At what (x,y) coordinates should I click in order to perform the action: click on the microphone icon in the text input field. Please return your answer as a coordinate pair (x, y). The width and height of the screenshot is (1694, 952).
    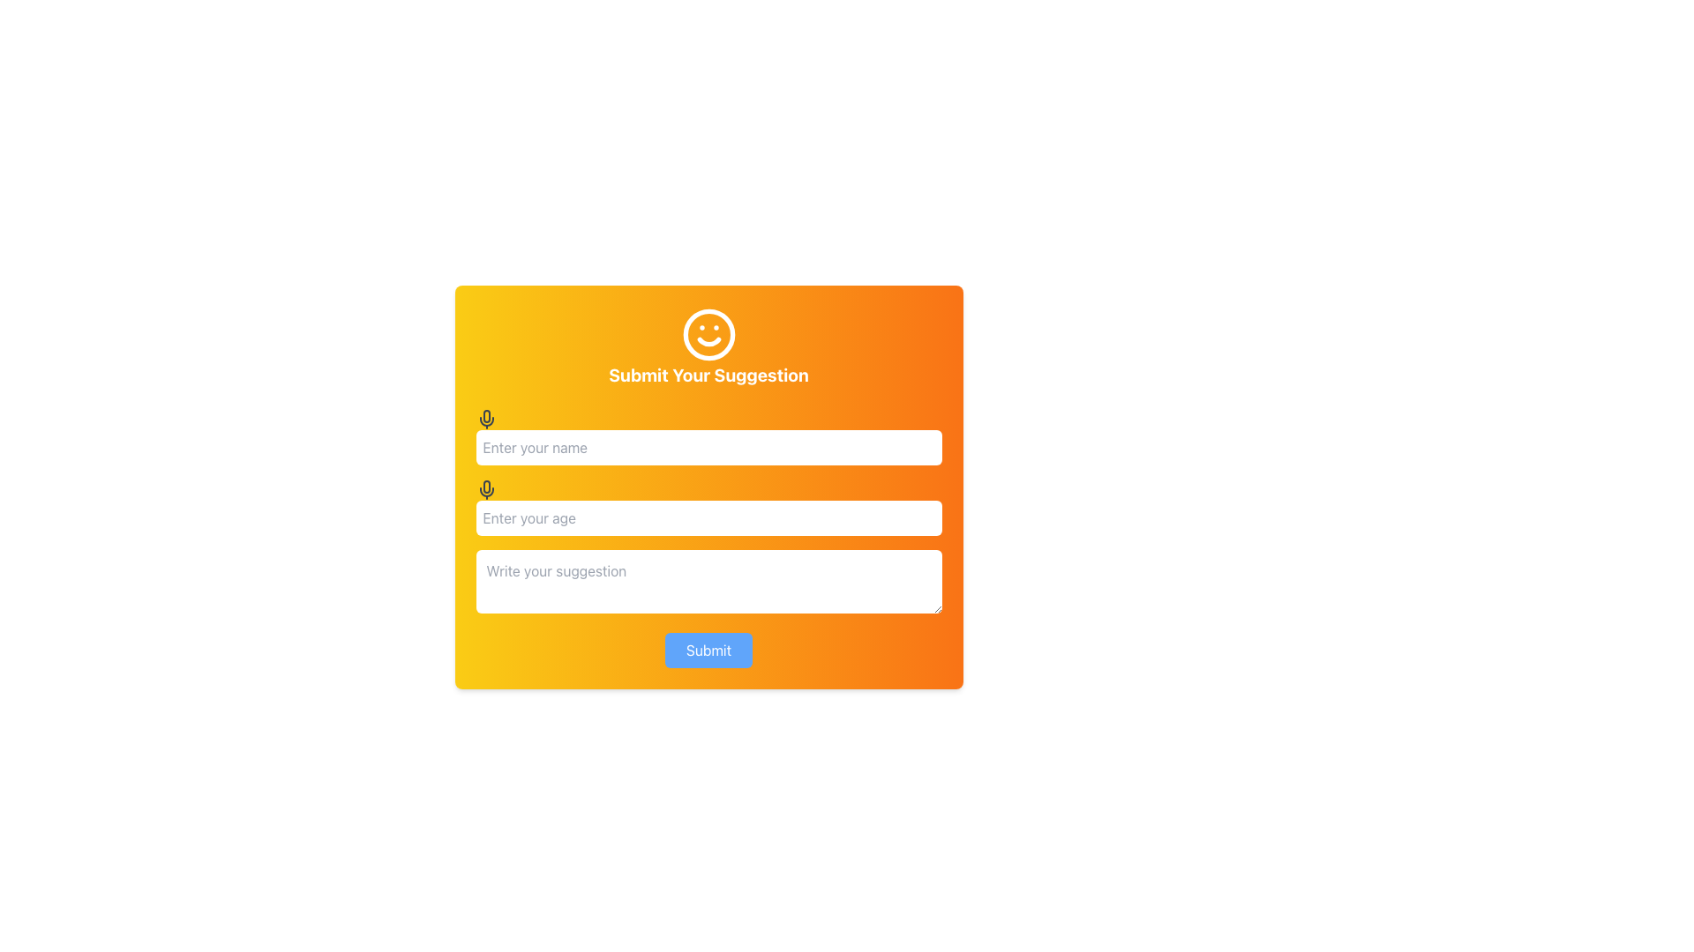
    Looking at the image, I should click on (708, 507).